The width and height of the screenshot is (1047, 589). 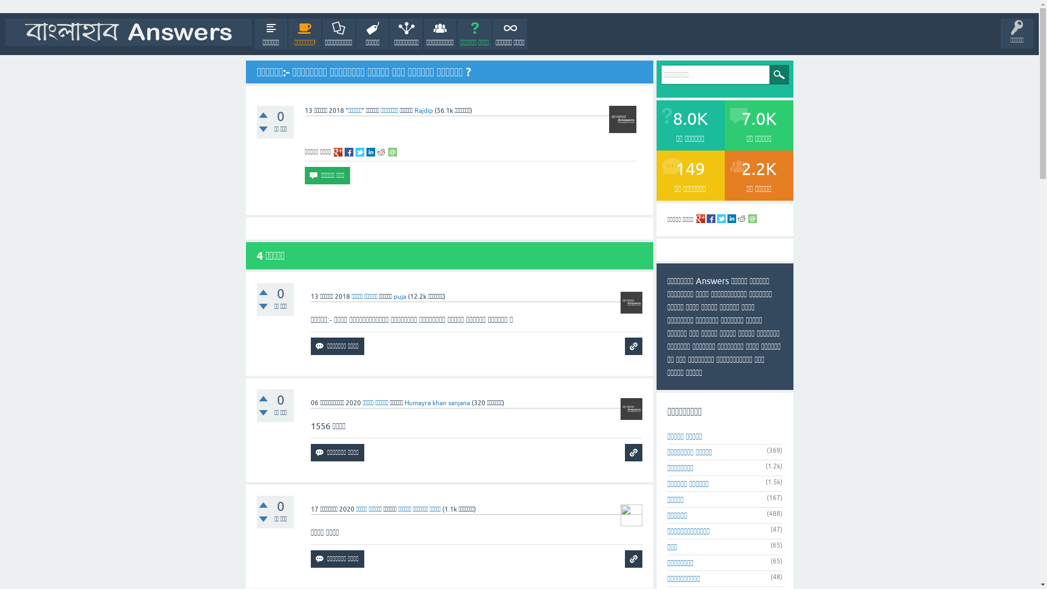 What do you see at coordinates (437, 403) in the screenshot?
I see `'Humayra khan sanjana'` at bounding box center [437, 403].